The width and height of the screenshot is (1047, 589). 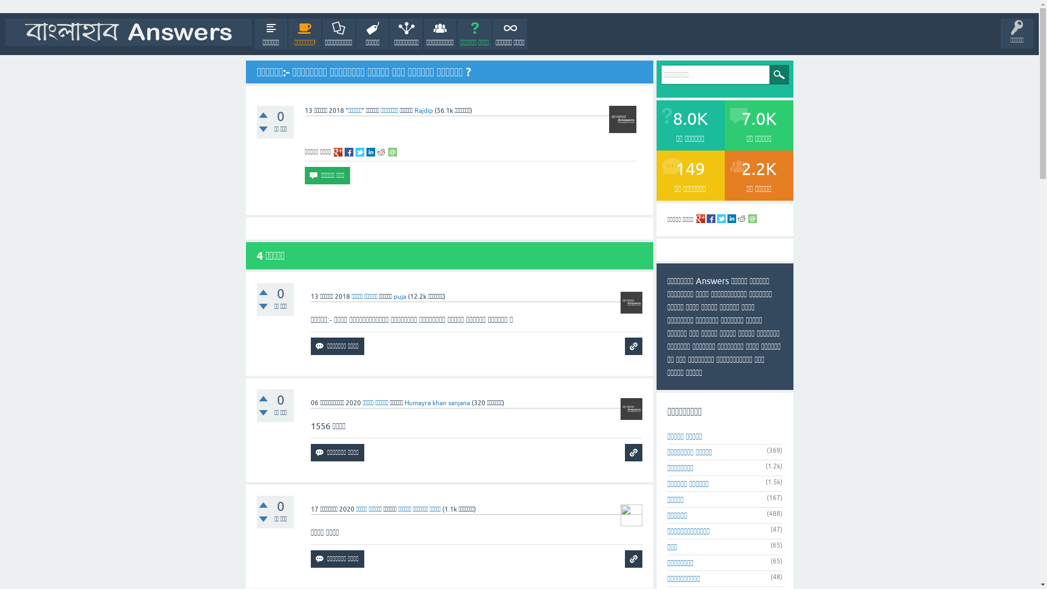 What do you see at coordinates (437, 403) in the screenshot?
I see `'Humayra khan sanjana'` at bounding box center [437, 403].